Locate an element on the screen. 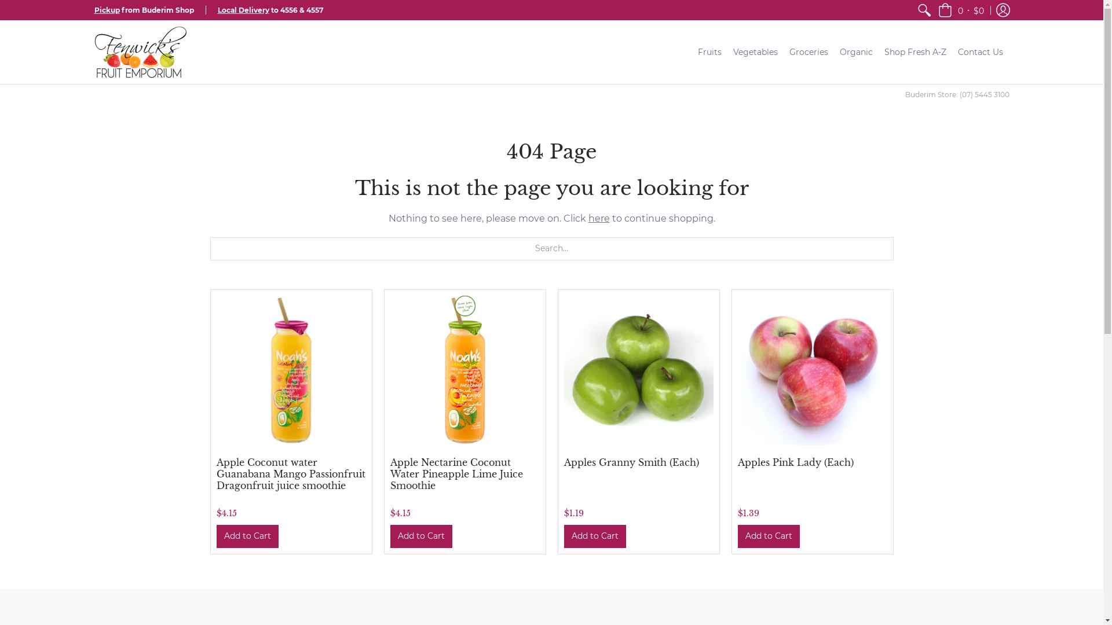 The width and height of the screenshot is (1112, 625). 'Apples Granny Smith (Each)' is located at coordinates (631, 461).